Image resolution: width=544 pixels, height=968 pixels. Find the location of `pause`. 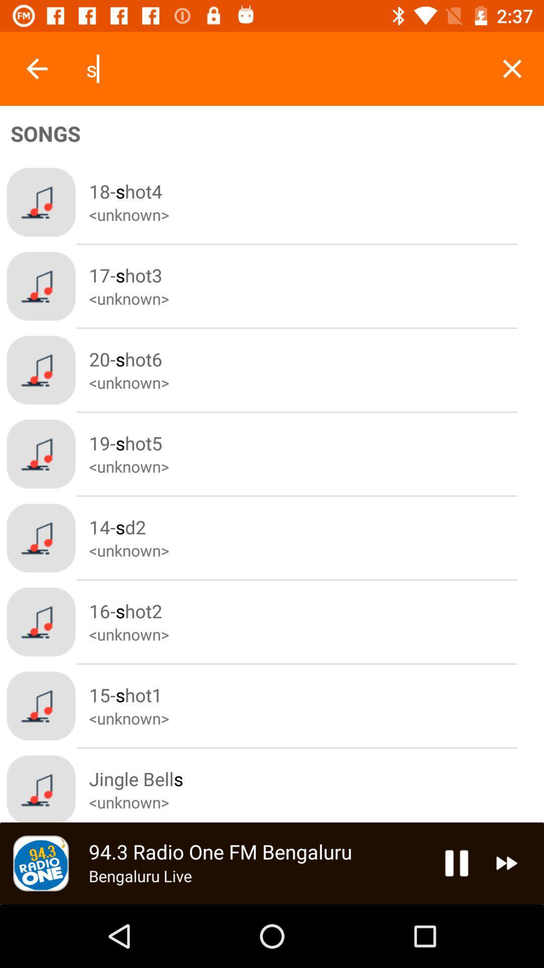

pause is located at coordinates (456, 863).